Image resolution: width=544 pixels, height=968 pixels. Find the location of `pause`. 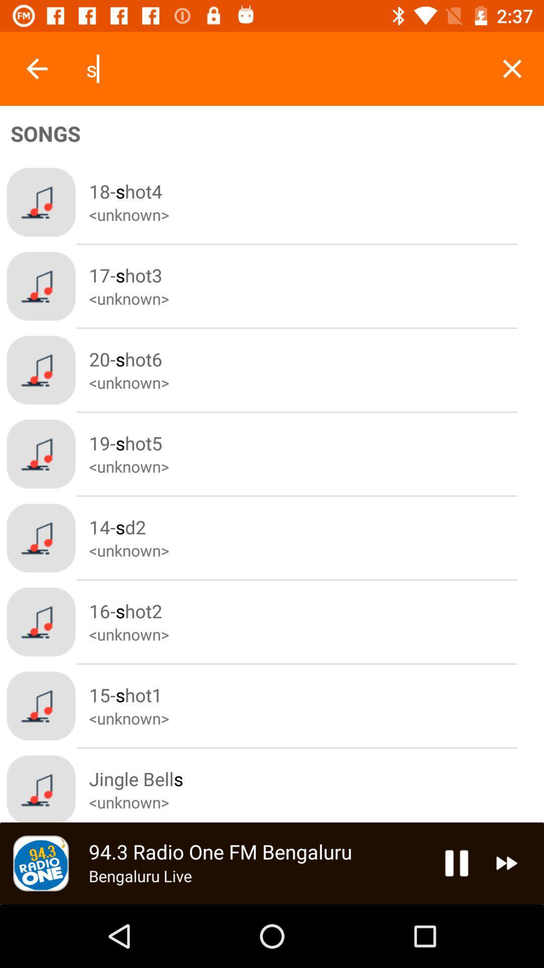

pause is located at coordinates (456, 863).